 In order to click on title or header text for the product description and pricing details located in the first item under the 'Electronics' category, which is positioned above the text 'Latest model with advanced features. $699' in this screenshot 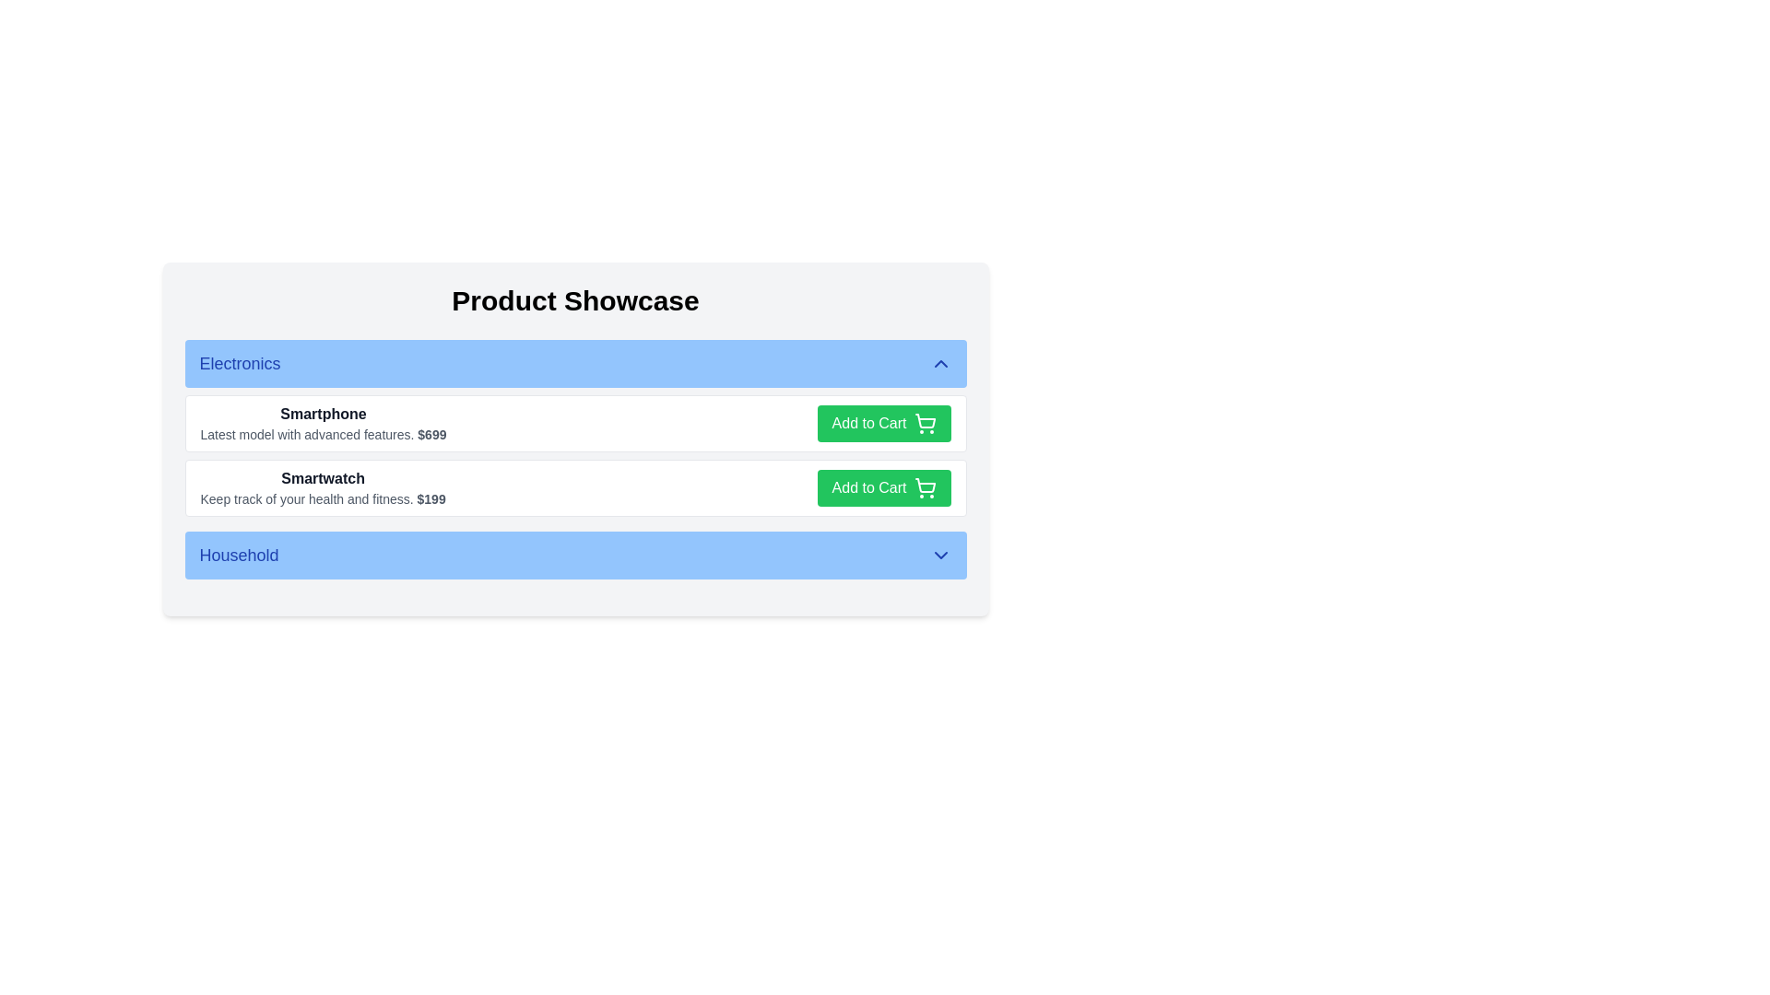, I will do `click(323, 415)`.